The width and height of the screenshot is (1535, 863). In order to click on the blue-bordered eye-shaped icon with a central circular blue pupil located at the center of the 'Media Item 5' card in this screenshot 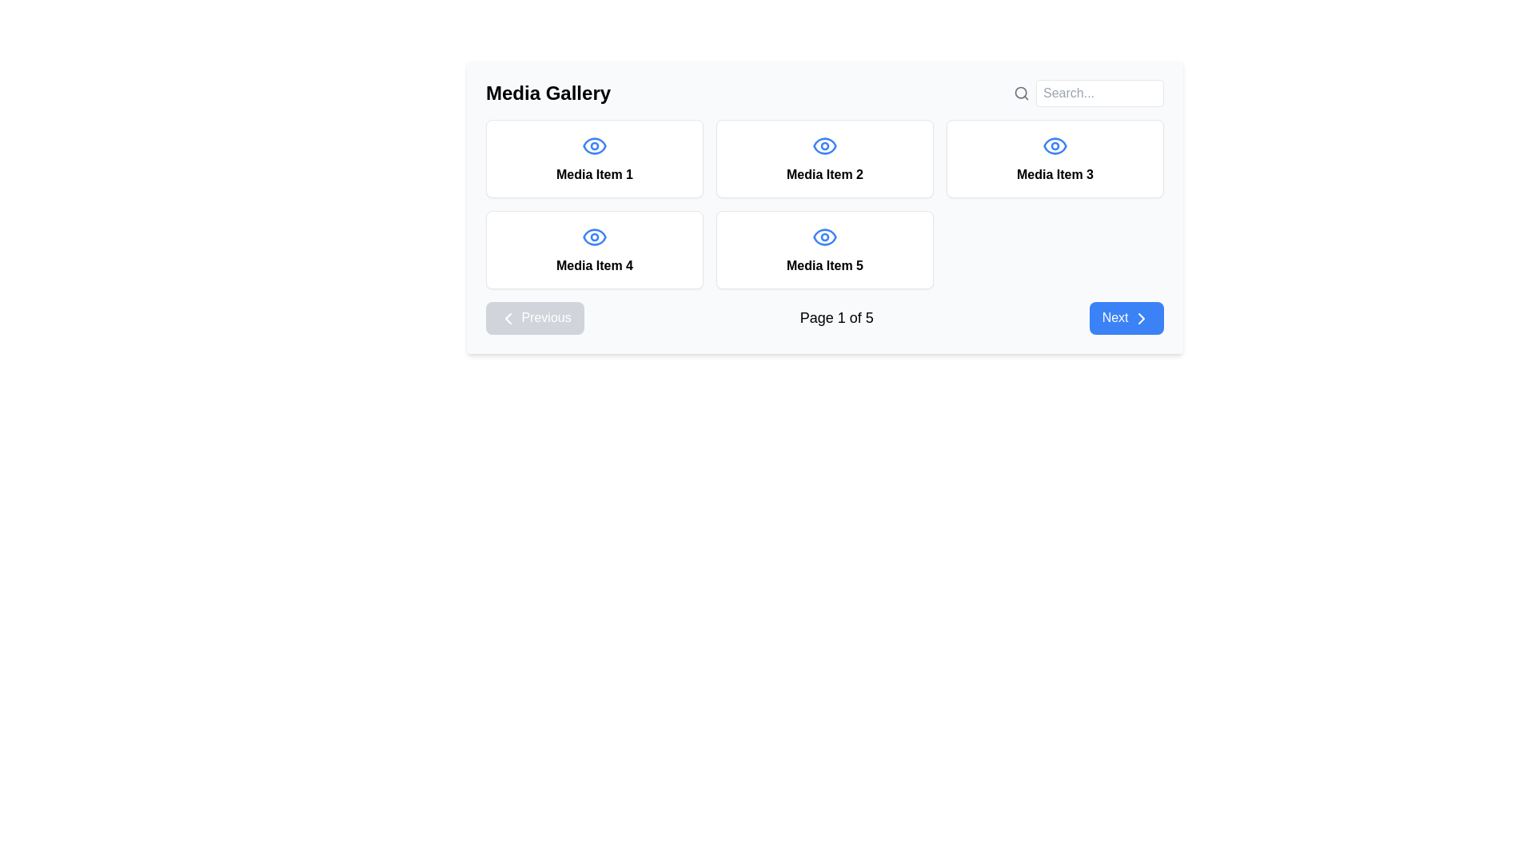, I will do `click(825, 237)`.